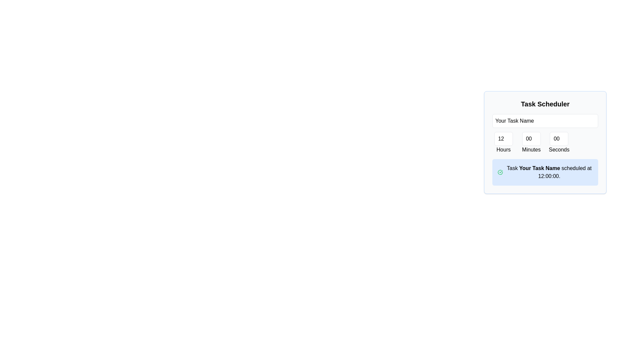 This screenshot has height=358, width=637. Describe the element at coordinates (531, 149) in the screenshot. I see `the text label displaying 'Minutes', which is positioned below the input field labeled '00' and above the 'Seconds' label` at that location.